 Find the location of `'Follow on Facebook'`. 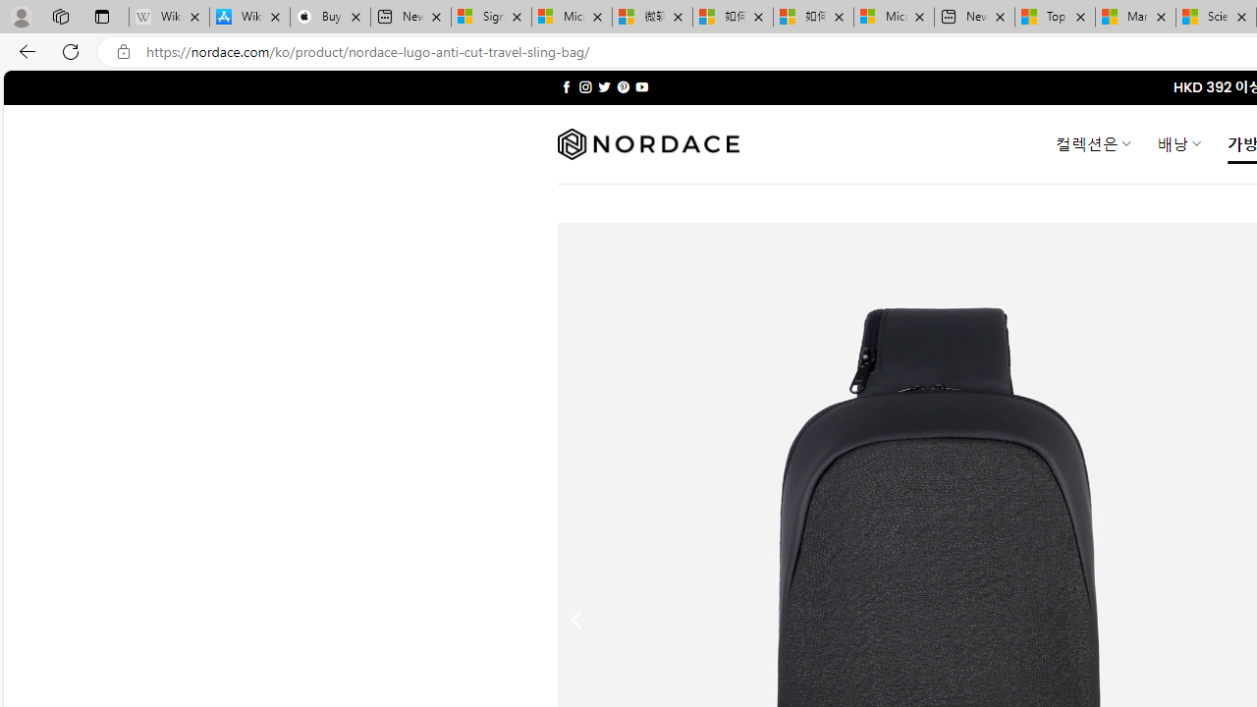

'Follow on Facebook' is located at coordinates (566, 86).